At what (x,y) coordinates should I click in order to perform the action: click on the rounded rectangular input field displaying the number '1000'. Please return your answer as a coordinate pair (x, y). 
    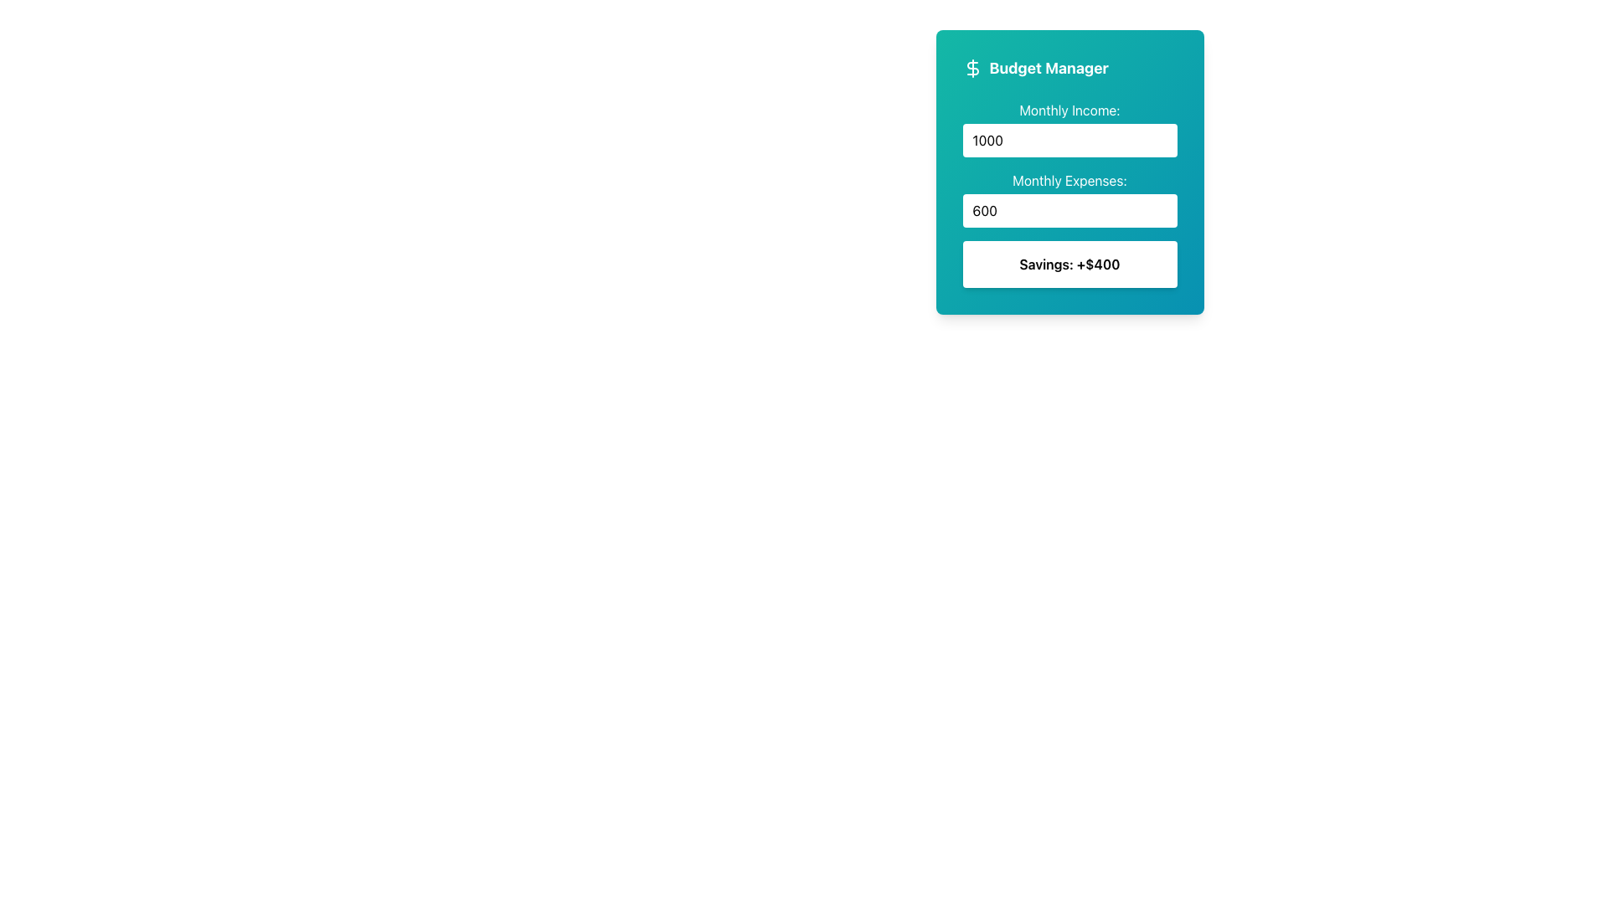
    Looking at the image, I should click on (1069, 140).